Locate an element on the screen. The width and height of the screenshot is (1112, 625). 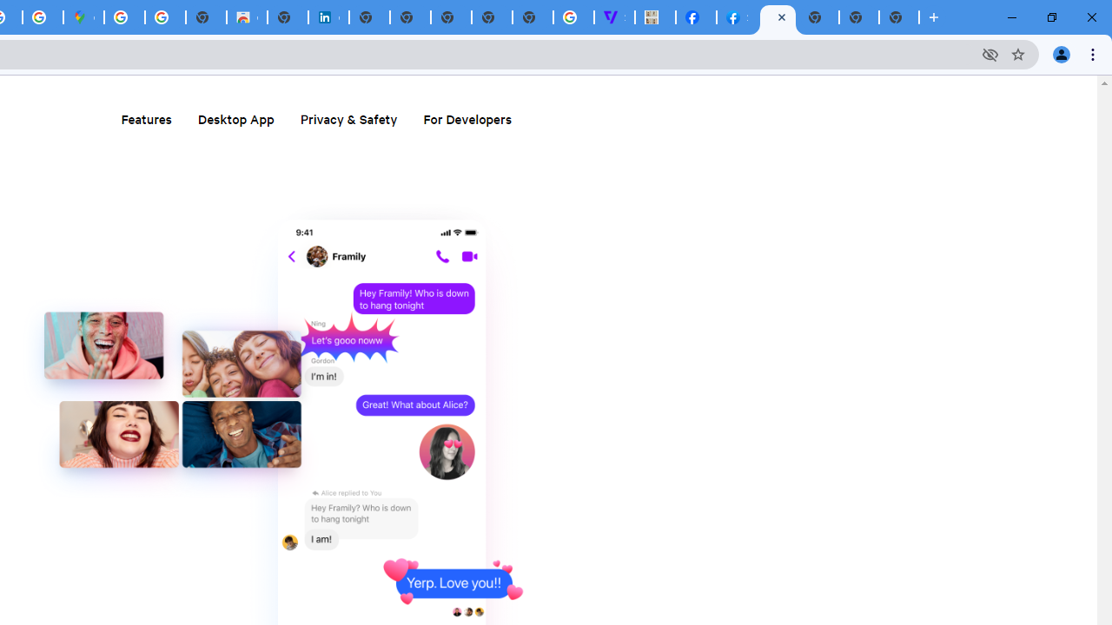
'Privacy & Safety' is located at coordinates (347, 117).